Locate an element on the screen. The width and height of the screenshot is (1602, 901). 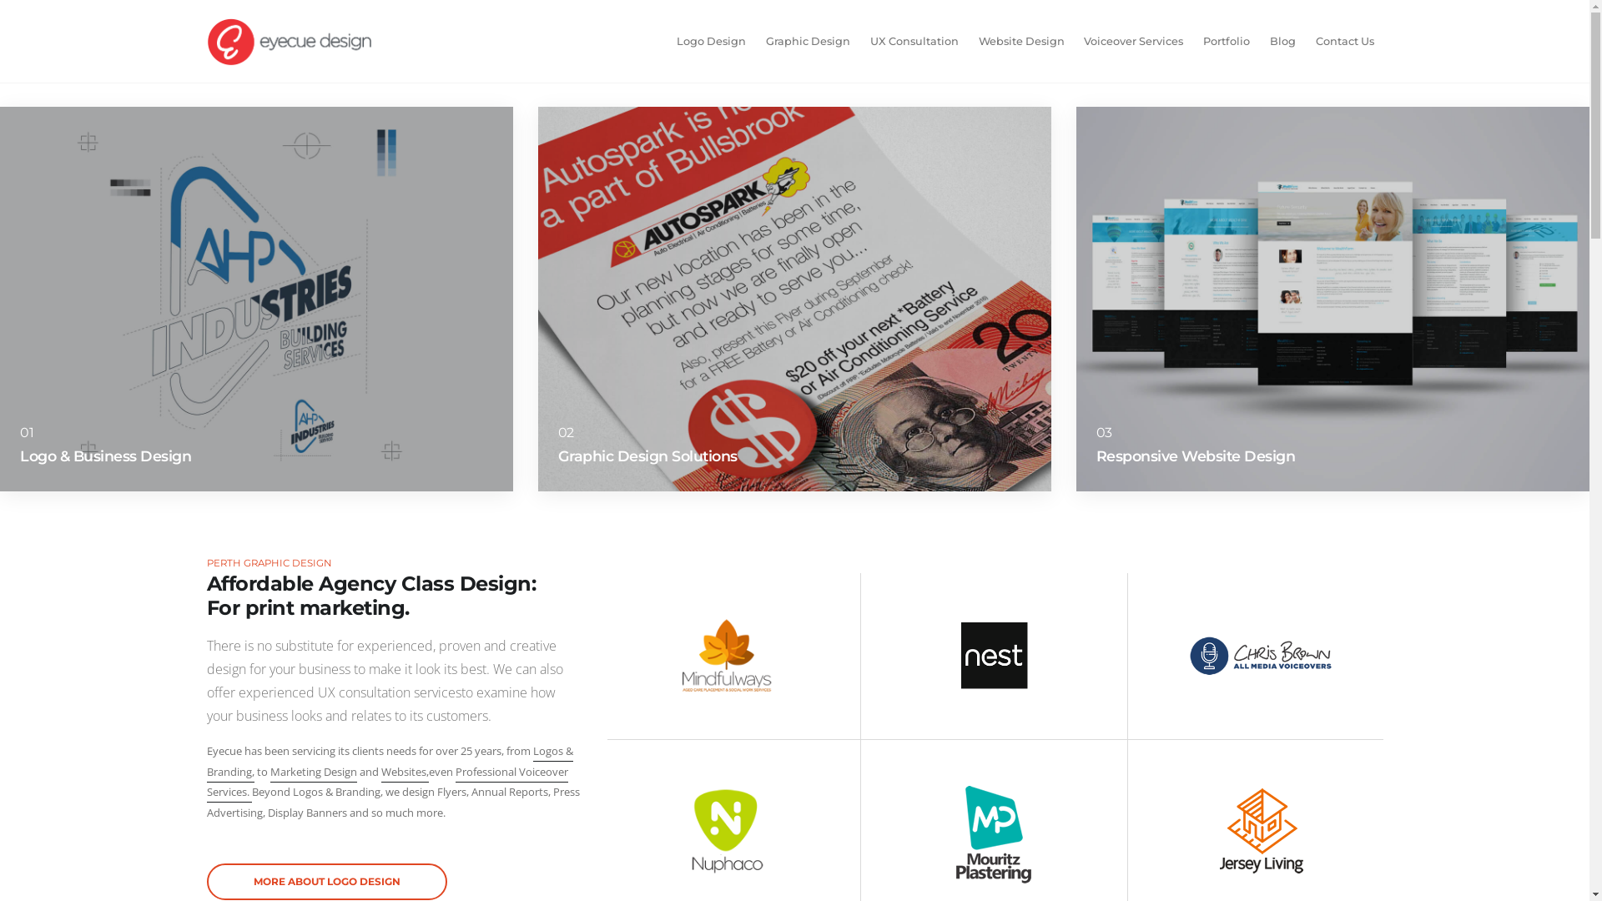
'MORE ABOUT LOGO DESIGN' is located at coordinates (327, 880).